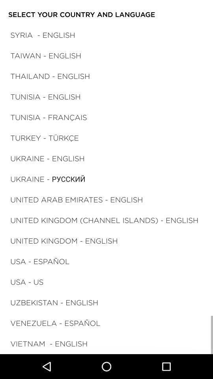 The image size is (213, 379). What do you see at coordinates (46, 55) in the screenshot?
I see `the item above thailand - english icon` at bounding box center [46, 55].